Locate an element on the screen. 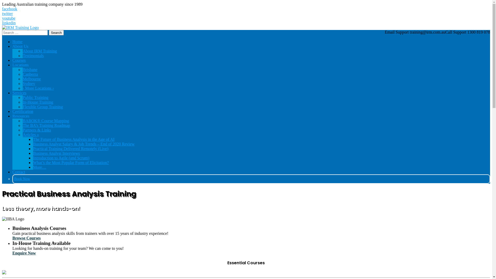 Image resolution: width=496 pixels, height=279 pixels. 'Public Training' is located at coordinates (35, 97).